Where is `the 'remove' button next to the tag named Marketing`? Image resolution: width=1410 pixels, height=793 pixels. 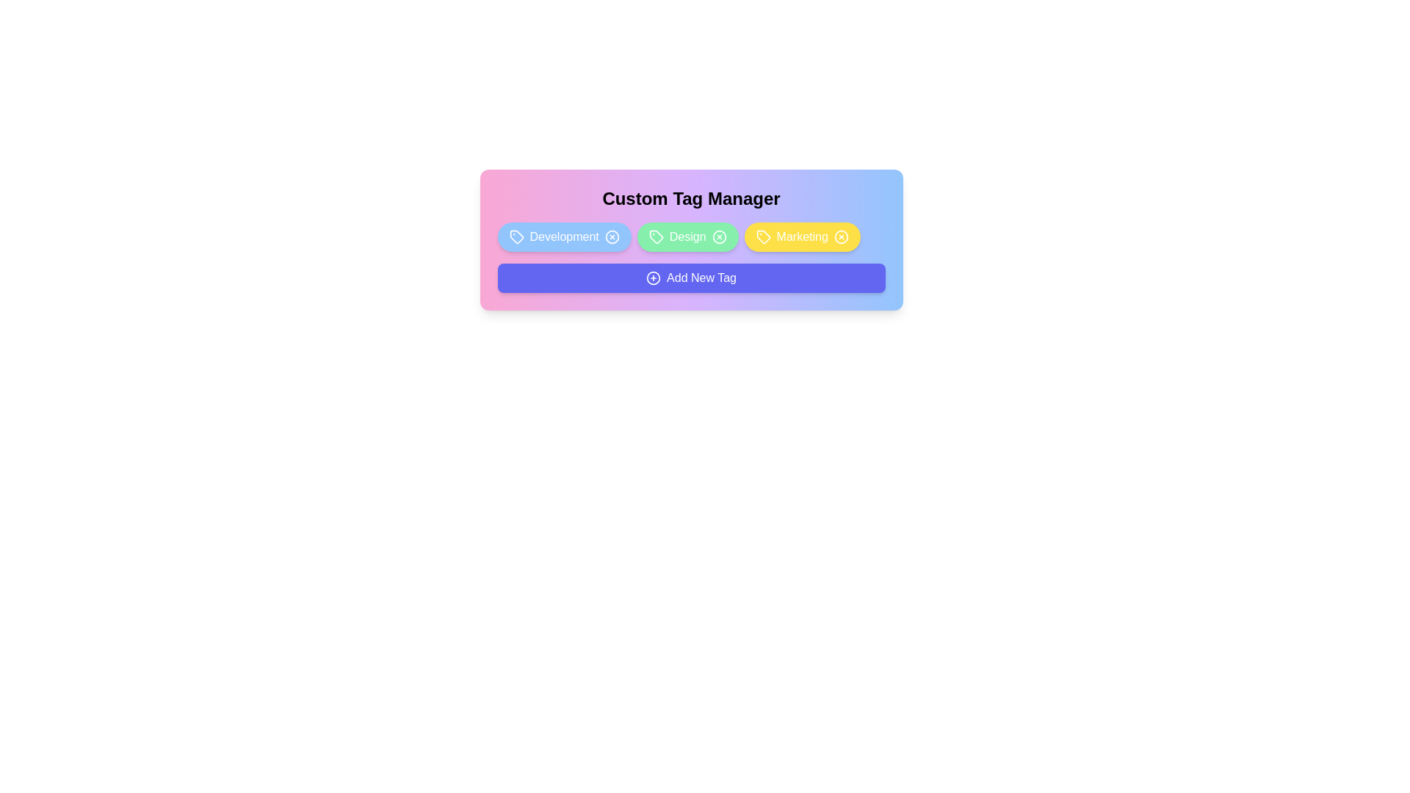 the 'remove' button next to the tag named Marketing is located at coordinates (841, 236).